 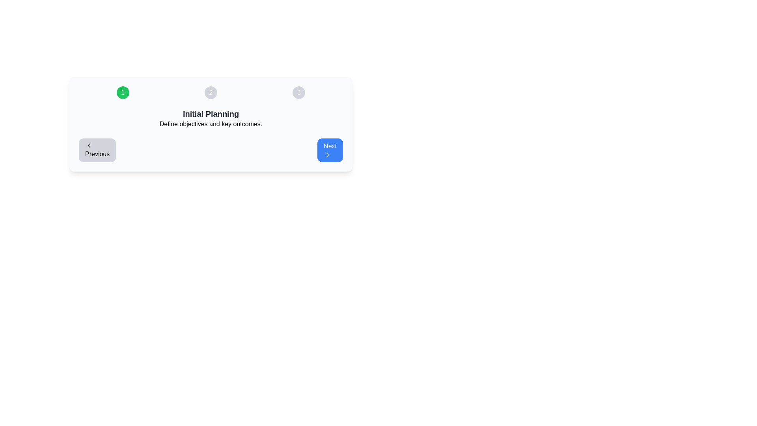 What do you see at coordinates (89, 146) in the screenshot?
I see `the left-pointing chevron arrow icon within the 'Previous' button, which has a light gray background and is located at the bottom-left corner of the card` at bounding box center [89, 146].